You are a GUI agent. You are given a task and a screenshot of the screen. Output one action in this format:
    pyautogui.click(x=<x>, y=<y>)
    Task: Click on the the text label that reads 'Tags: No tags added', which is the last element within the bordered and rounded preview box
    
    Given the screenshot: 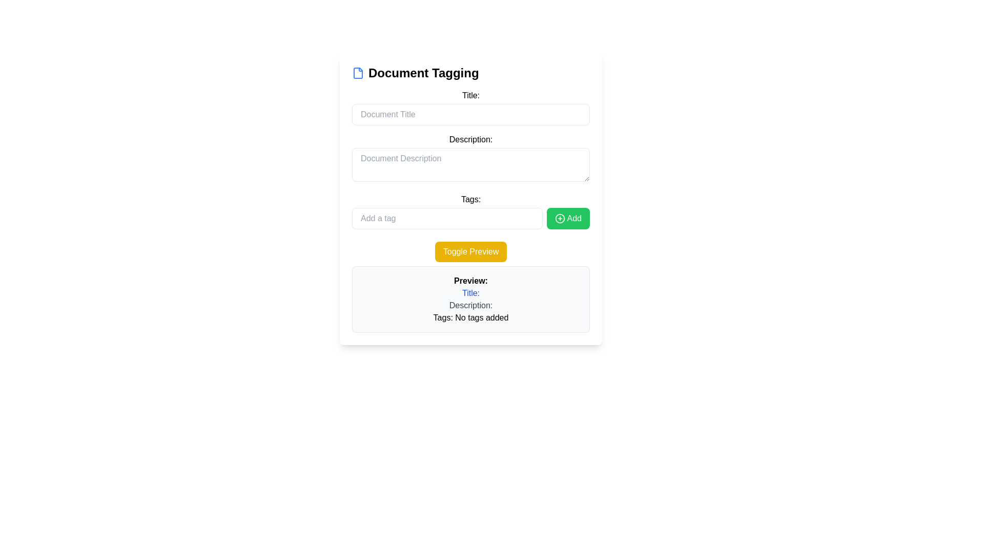 What is the action you would take?
    pyautogui.click(x=470, y=317)
    